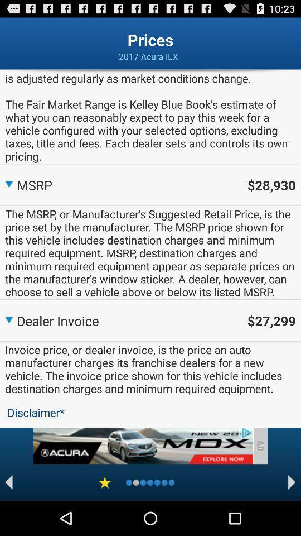 The height and width of the screenshot is (536, 301). Describe the element at coordinates (105, 516) in the screenshot. I see `the star icon` at that location.